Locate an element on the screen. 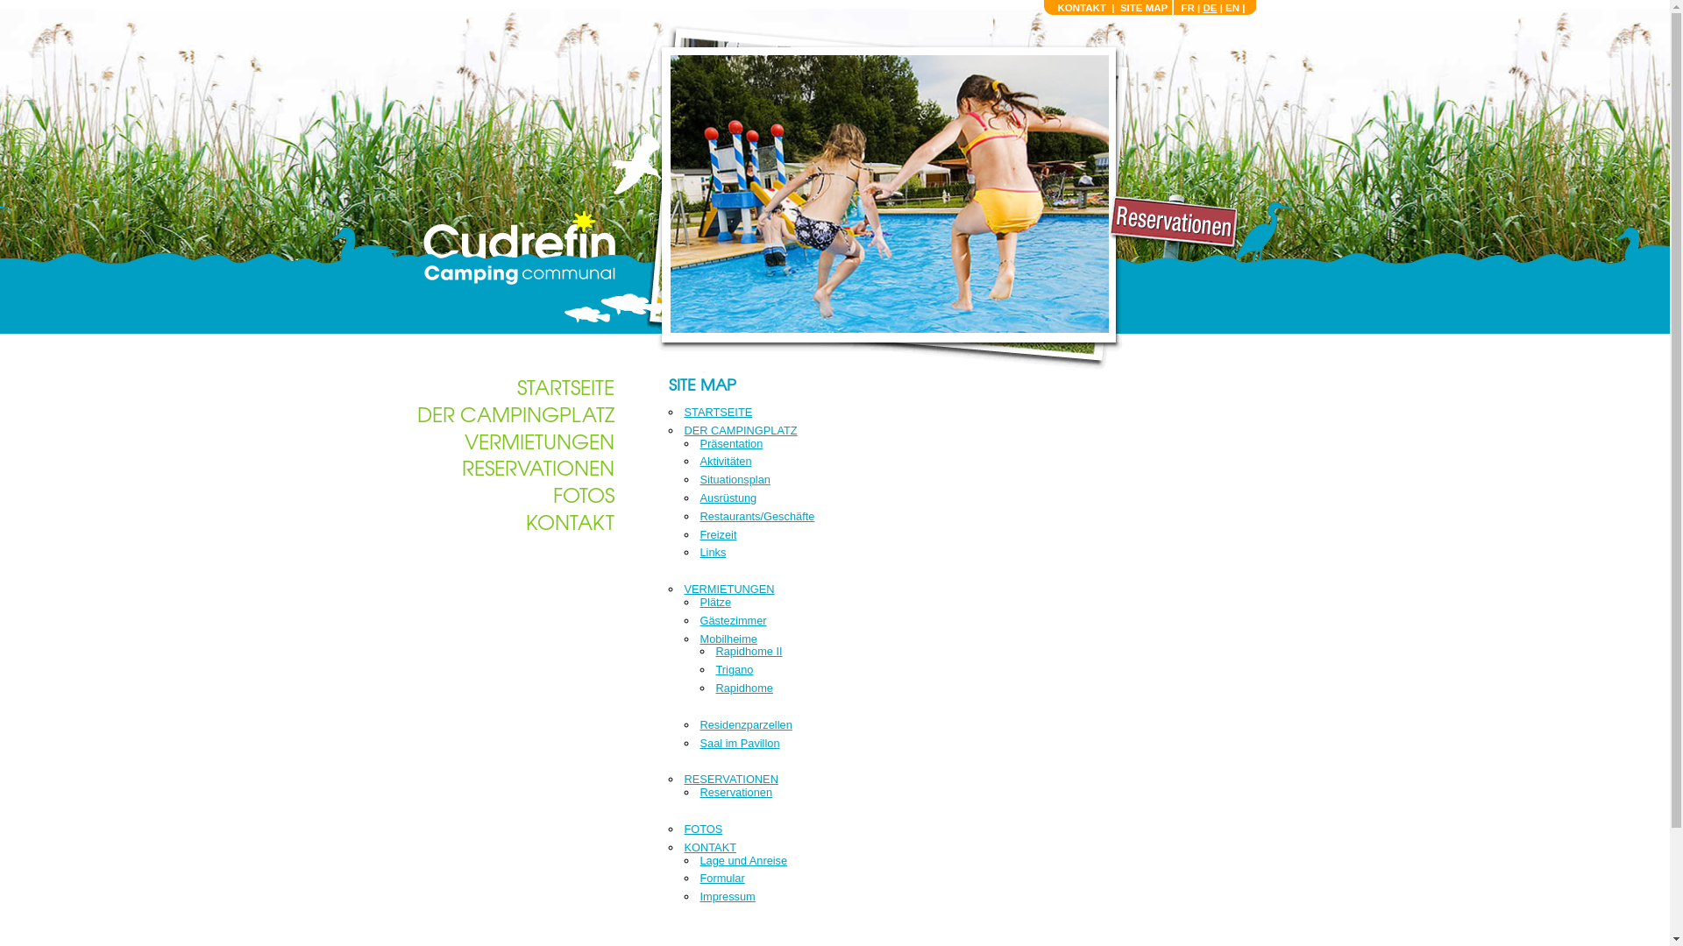  ' ' is located at coordinates (515, 247).